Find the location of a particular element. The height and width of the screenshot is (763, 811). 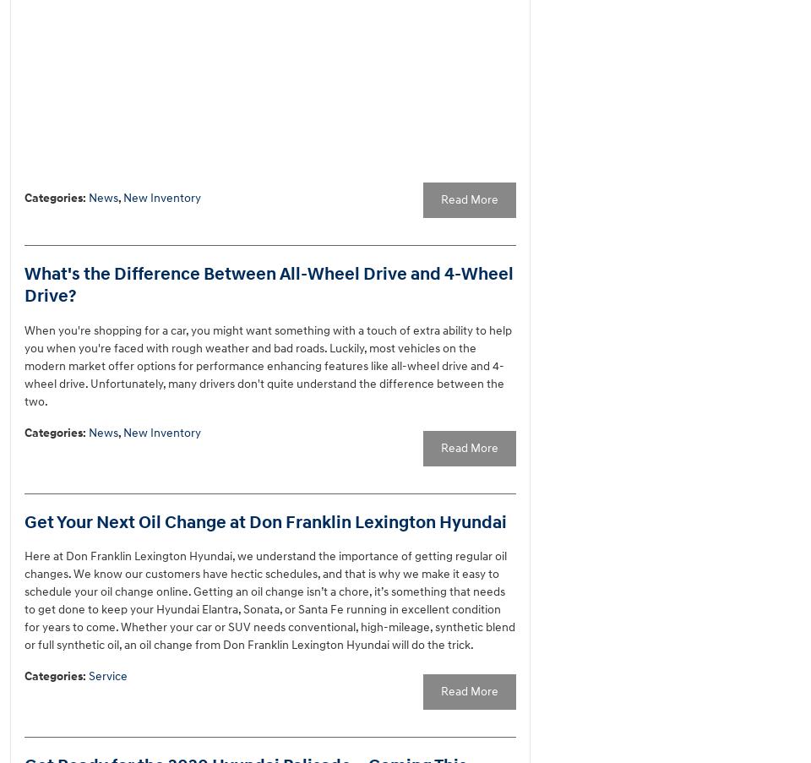

'Here at Don Franklin Lexington Hyundai, we understand the importance of getting regular oil changes. We know our customers have hectic schedules, and that is why we make it easy to schedule your oil change online. Getting an oil change isn’t a chore, it’s something that needs to get done to keep your Hyundai Elantra, Sonata, or Santa Fe running in excellent condition for years to come. Whether your car or SUV needs conventional, high-mileage, synthetic blend or full synthetic oil, an oil change from Don Franklin Lexington Hyundai will do the trick.' is located at coordinates (269, 600).